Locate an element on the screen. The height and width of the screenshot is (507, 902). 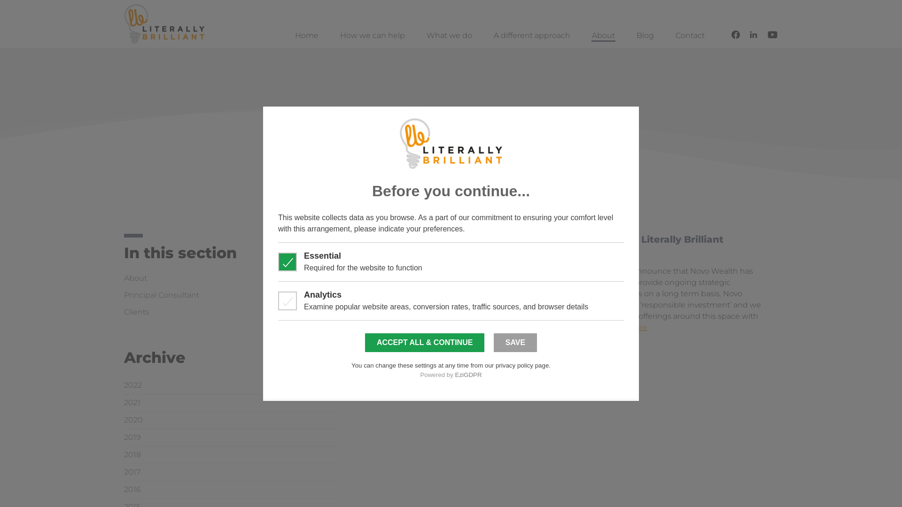
'Principal Consultant' is located at coordinates (162, 294).